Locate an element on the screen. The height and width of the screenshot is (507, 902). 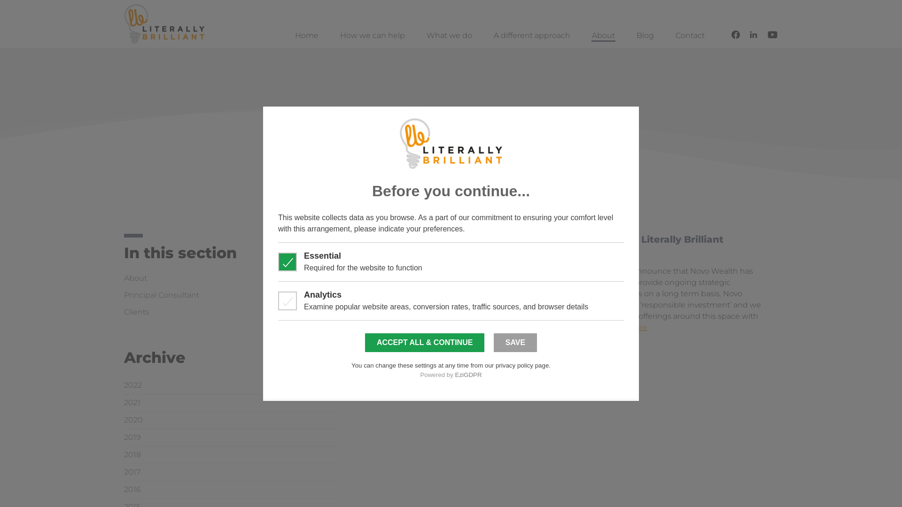
'Principal Consultant' is located at coordinates (162, 294).